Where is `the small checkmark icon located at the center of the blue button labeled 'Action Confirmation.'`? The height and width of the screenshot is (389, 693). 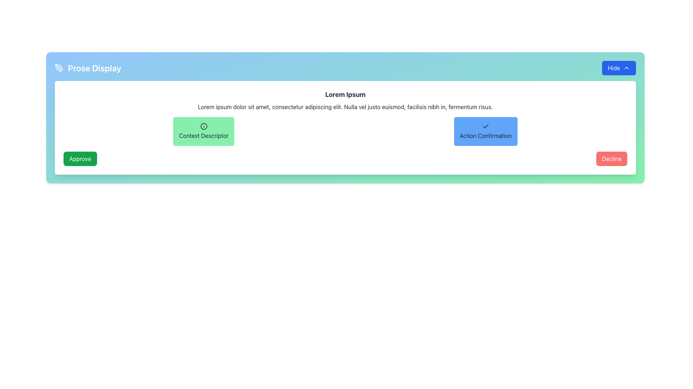 the small checkmark icon located at the center of the blue button labeled 'Action Confirmation.' is located at coordinates (485, 126).